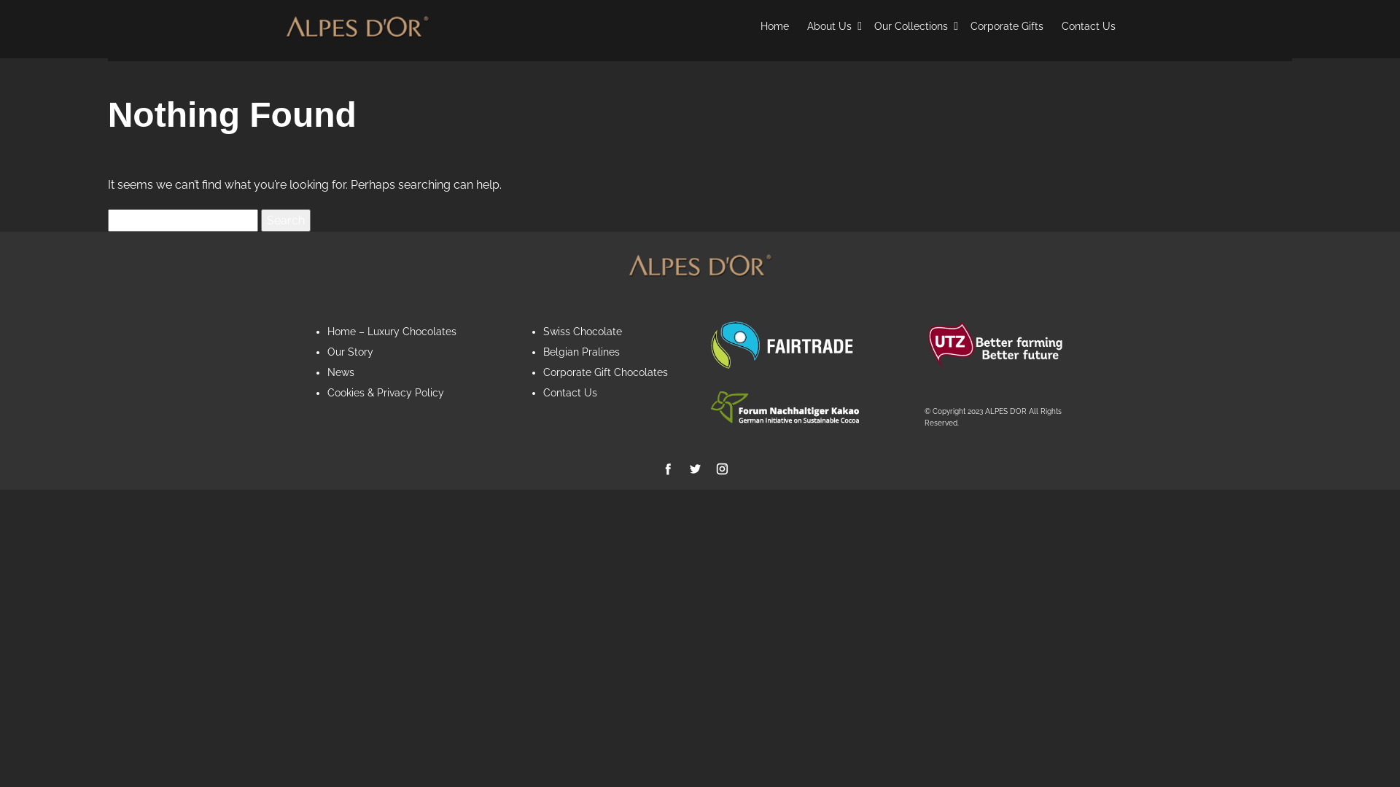 The width and height of the screenshot is (1400, 787). I want to click on 'News', so click(327, 371).